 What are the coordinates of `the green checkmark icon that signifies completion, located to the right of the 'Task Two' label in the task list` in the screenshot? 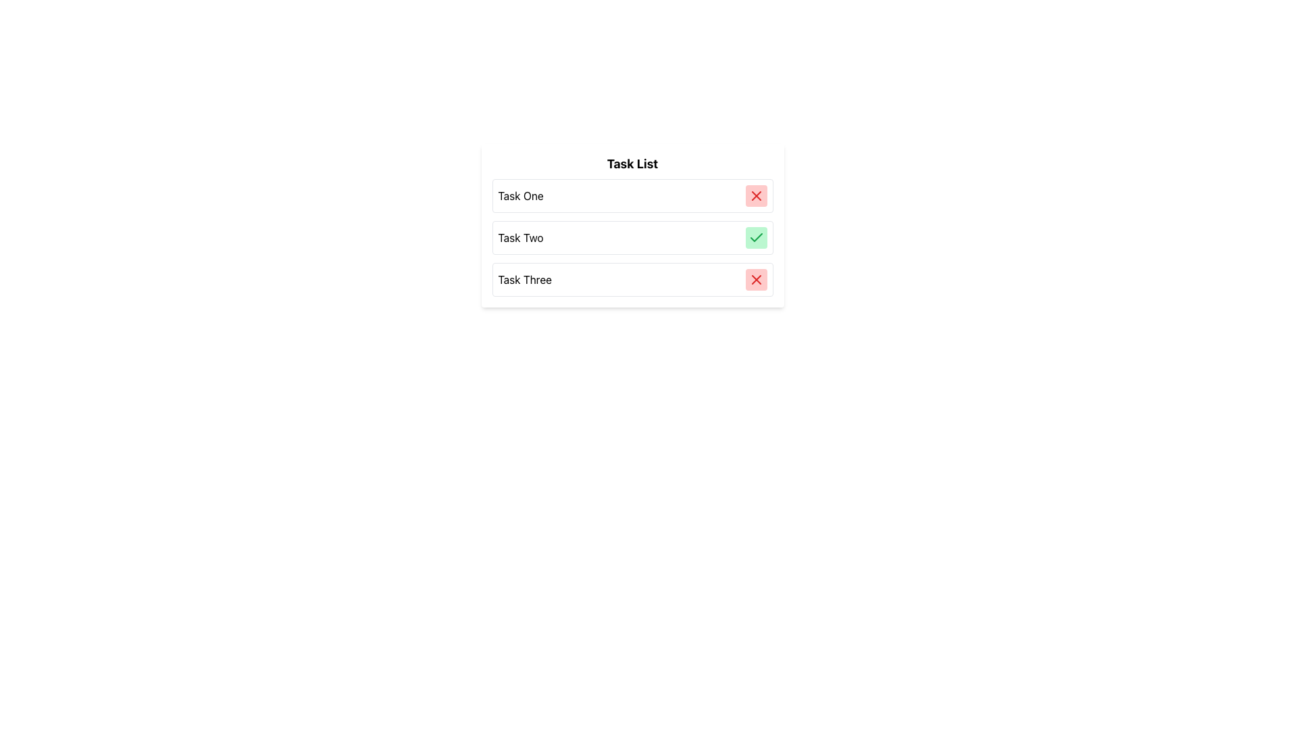 It's located at (755, 237).